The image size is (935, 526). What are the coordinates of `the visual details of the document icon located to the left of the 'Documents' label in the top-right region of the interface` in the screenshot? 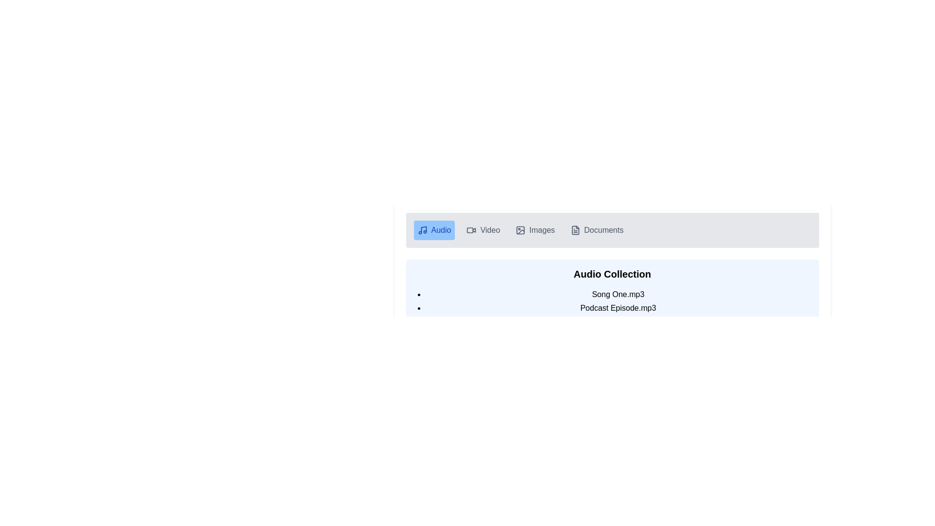 It's located at (575, 230).